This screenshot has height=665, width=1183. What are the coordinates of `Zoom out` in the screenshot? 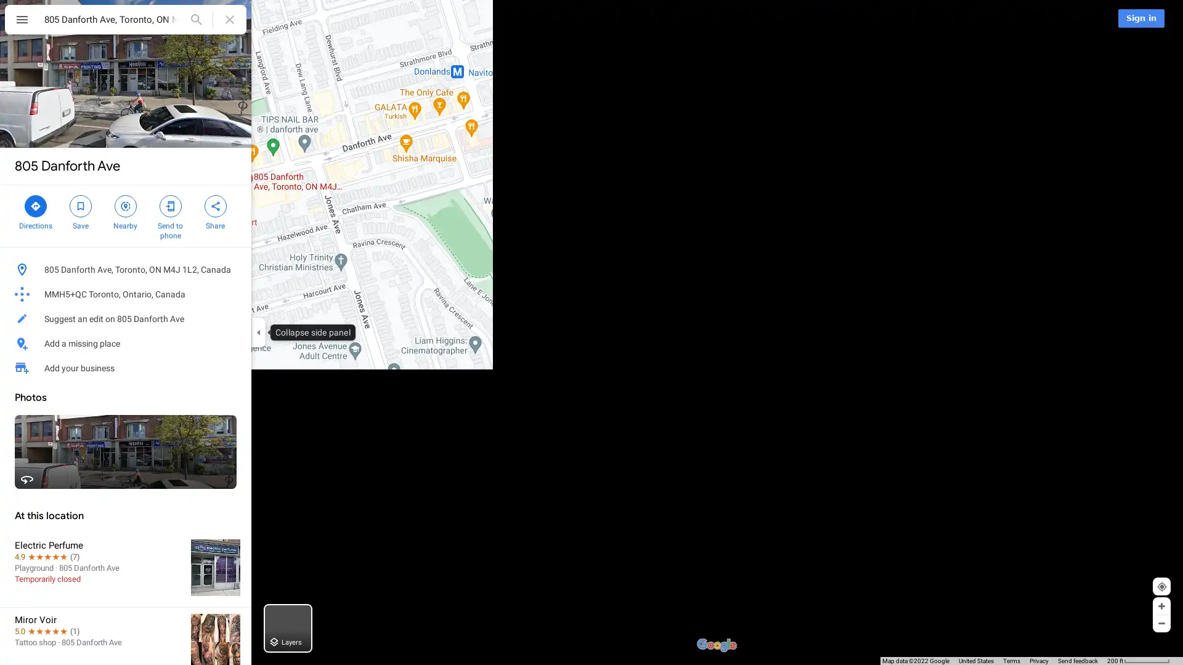 It's located at (1161, 623).